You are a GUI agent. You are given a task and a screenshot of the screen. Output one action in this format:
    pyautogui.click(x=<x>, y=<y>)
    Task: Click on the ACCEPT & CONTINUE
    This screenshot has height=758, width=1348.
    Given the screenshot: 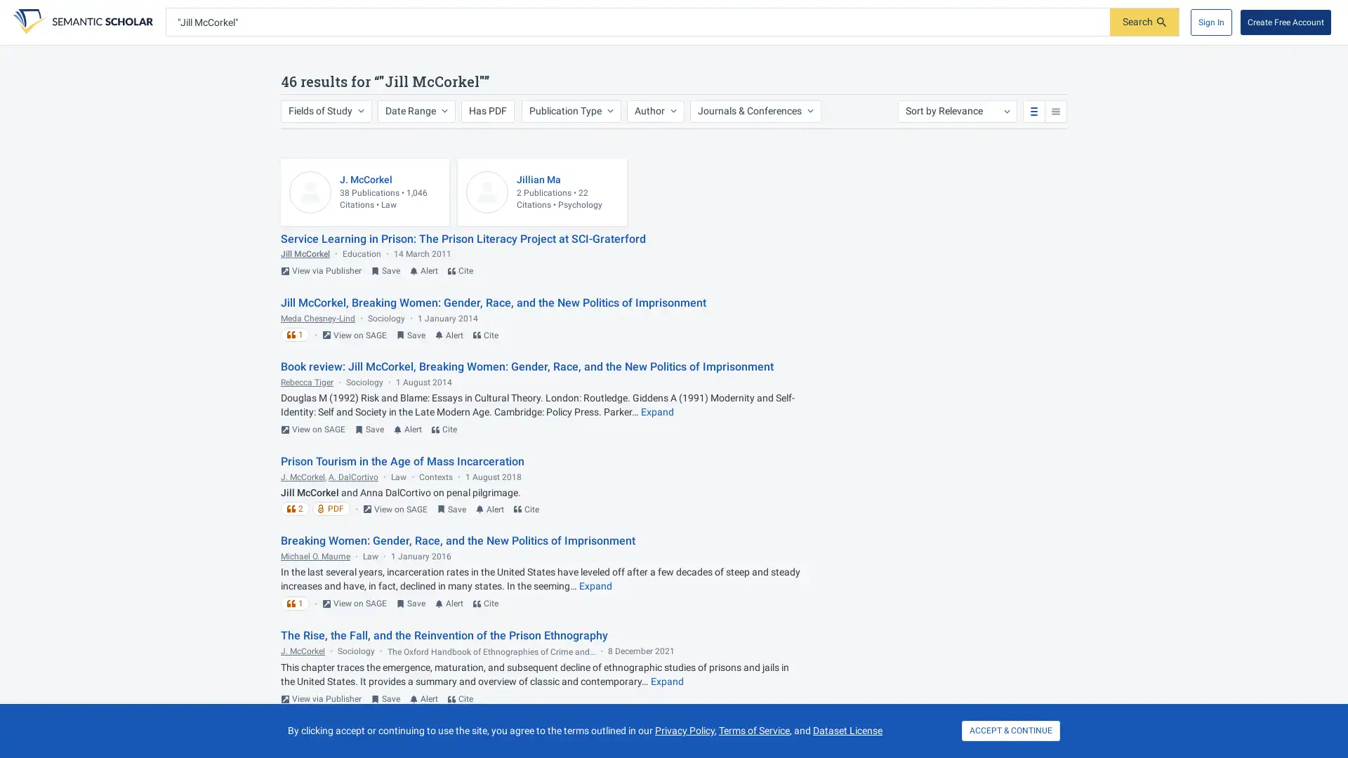 What is the action you would take?
    pyautogui.click(x=1011, y=730)
    